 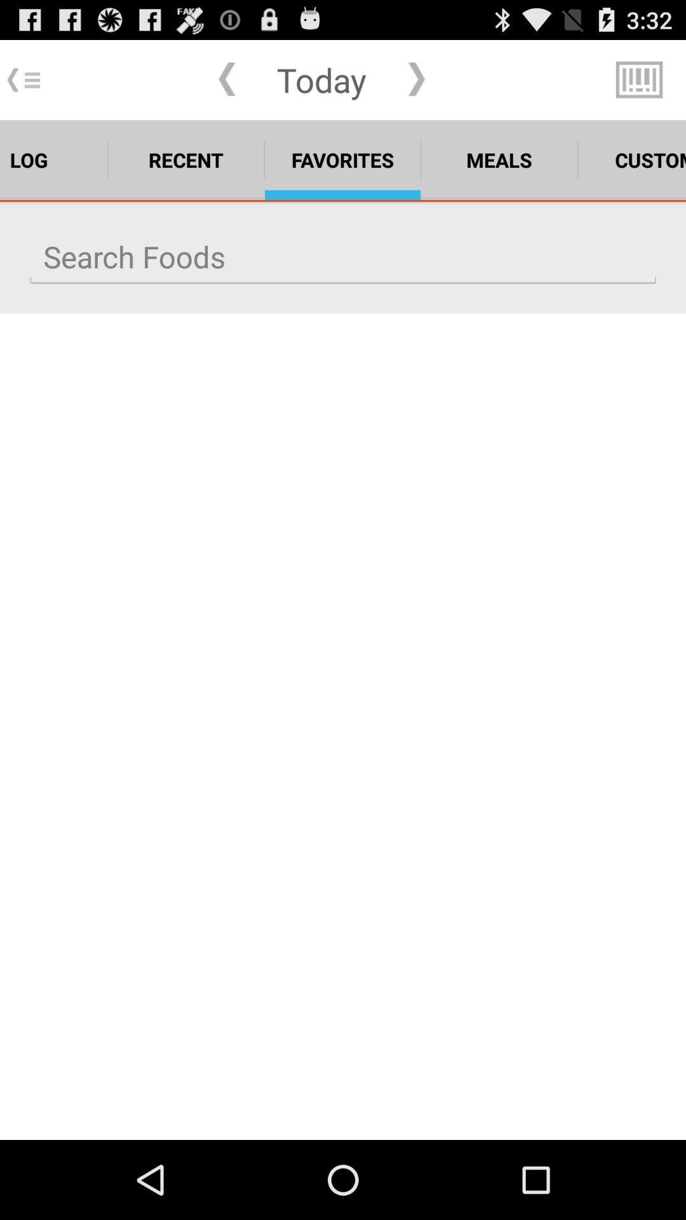 What do you see at coordinates (321, 79) in the screenshot?
I see `the today item` at bounding box center [321, 79].